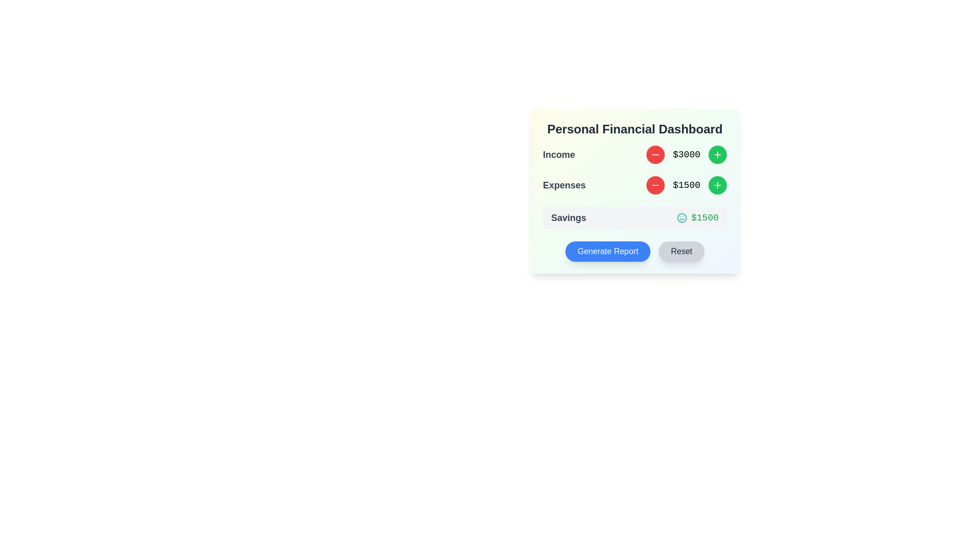 This screenshot has width=978, height=550. What do you see at coordinates (687, 155) in the screenshot?
I see `the static text label displaying '$3000' which is located under the 'Income' label, flanked by a red minus button and a green plus button` at bounding box center [687, 155].